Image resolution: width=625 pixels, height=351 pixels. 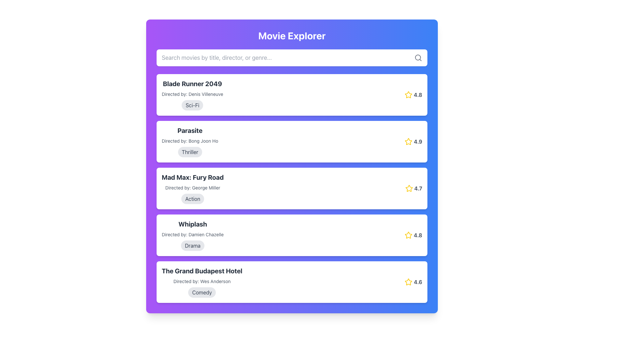 What do you see at coordinates (408, 281) in the screenshot?
I see `the star icon representing the rating for 'The Grand Budapest Hotel', which is located to the left of the rating number '4.6'` at bounding box center [408, 281].